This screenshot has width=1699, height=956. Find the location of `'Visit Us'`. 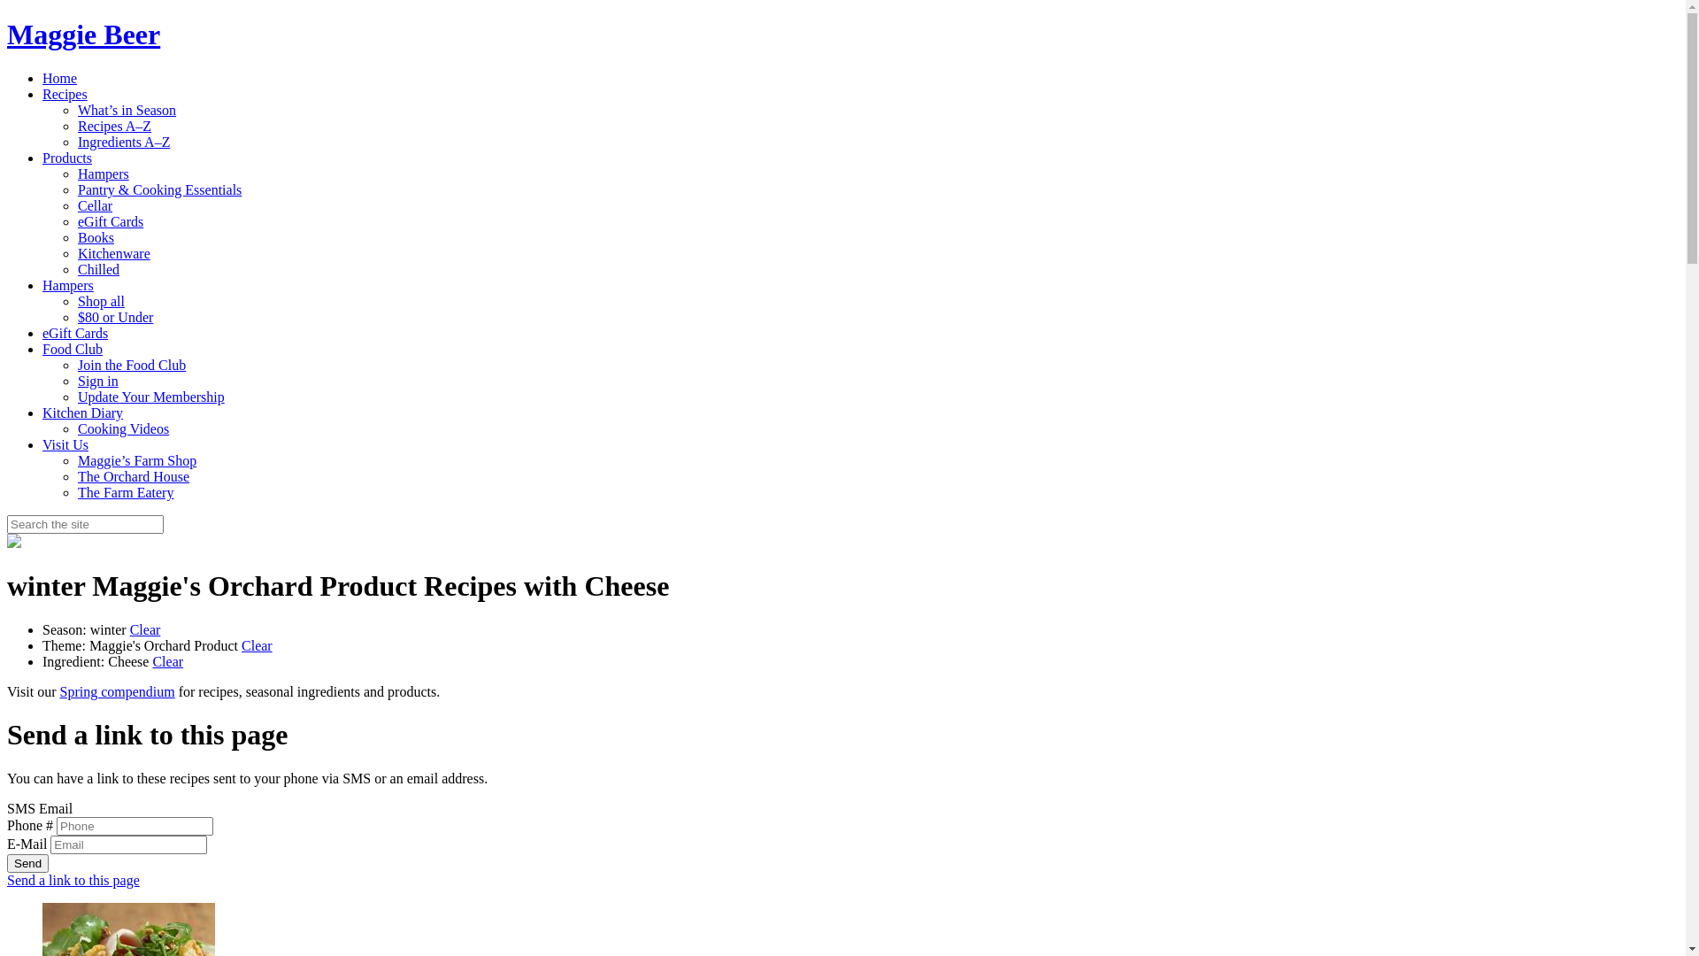

'Visit Us' is located at coordinates (65, 443).